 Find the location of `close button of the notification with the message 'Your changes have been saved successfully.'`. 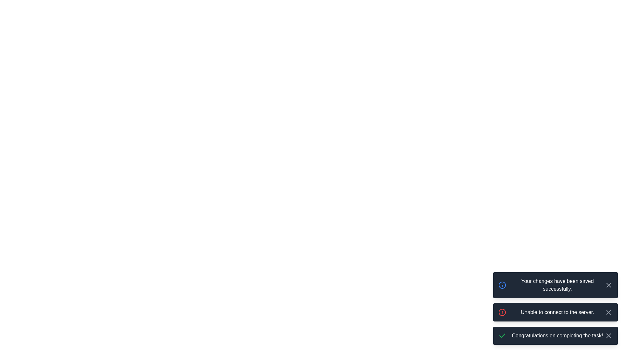

close button of the notification with the message 'Your changes have been saved successfully.' is located at coordinates (608, 285).